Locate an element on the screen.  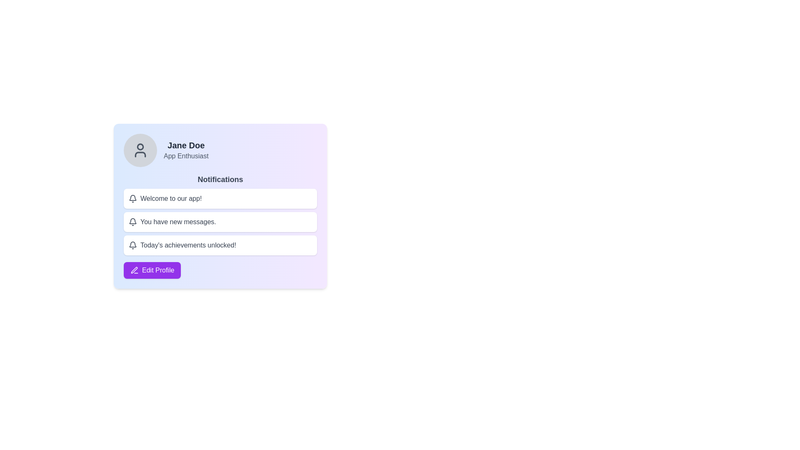
the bell-shaped icon with a minimalistic design that is located at the bottom of the notification section, preceding the text 'Today's achievements unlocked!' is located at coordinates (132, 245).